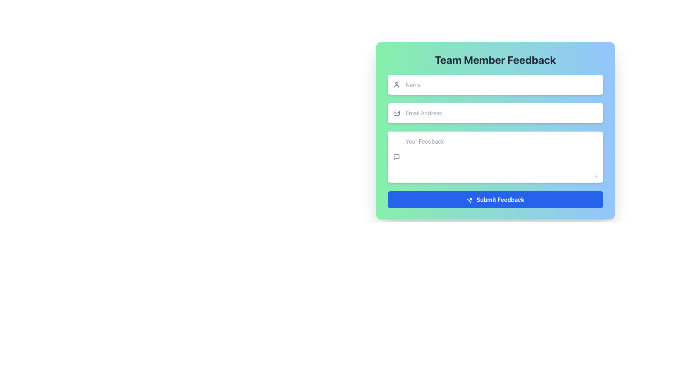  I want to click on the small gray chat icon located at the top-left corner of the feedback text area under the 'Your Feedback' label, so click(396, 157).